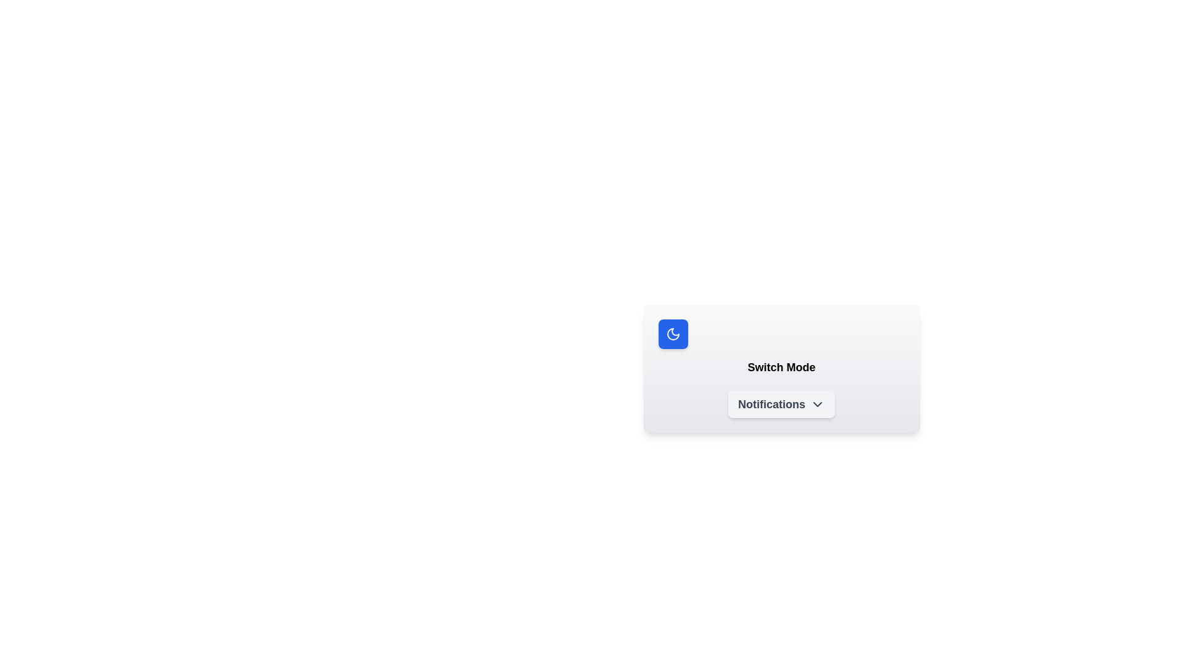 The image size is (1184, 666). What do you see at coordinates (781, 367) in the screenshot?
I see `the static text label or title located centrally below the rounded blue moon icon and above the 'Notifications' button with a chevron down icon` at bounding box center [781, 367].